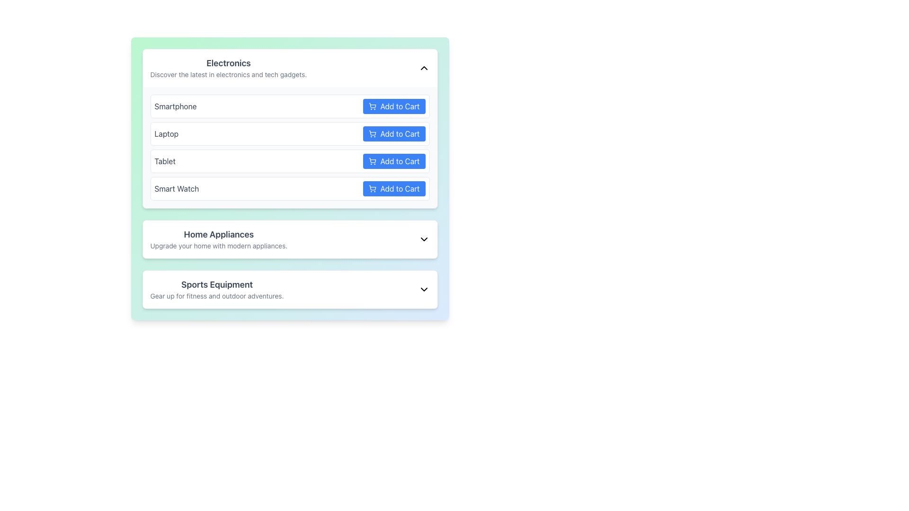  What do you see at coordinates (228, 74) in the screenshot?
I see `the text element displaying 'Discover the latest in electronics and tech gadgets.' which is styled with a small gray font and located below the 'Electronics' header` at bounding box center [228, 74].